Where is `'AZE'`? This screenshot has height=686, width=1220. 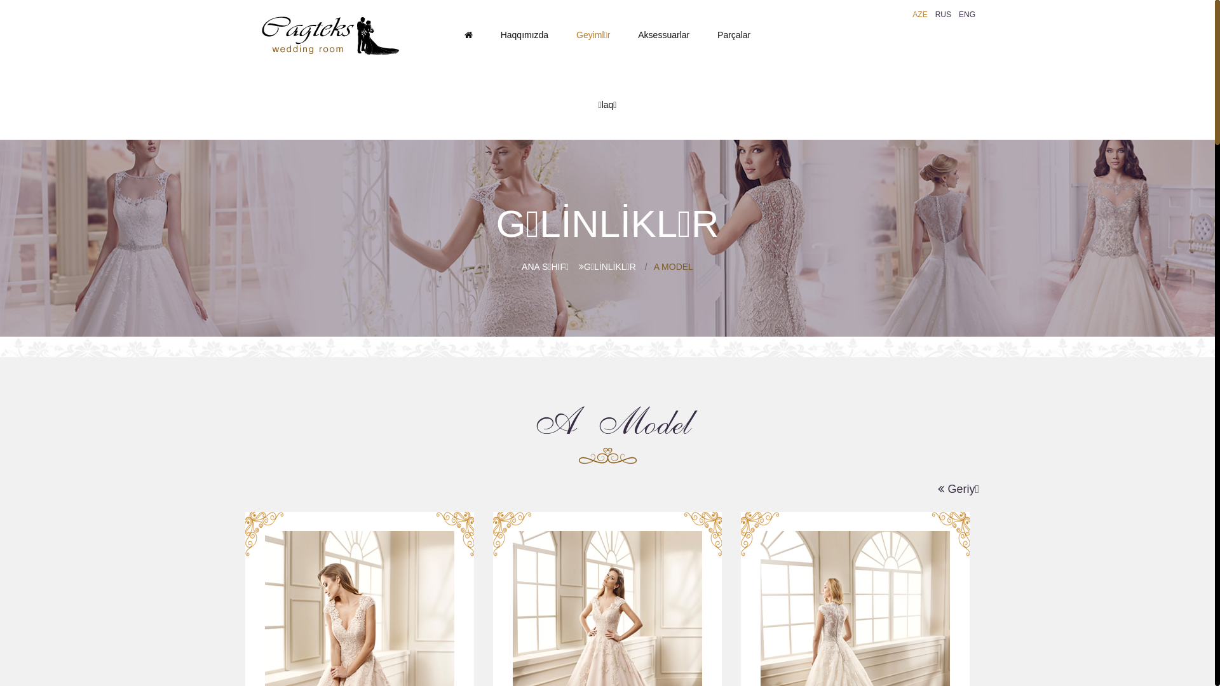 'AZE' is located at coordinates (919, 15).